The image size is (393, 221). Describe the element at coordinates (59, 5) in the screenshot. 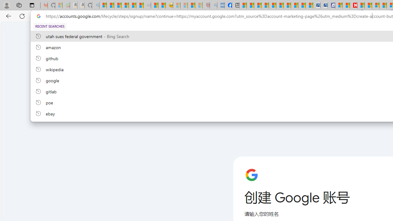

I see `'Microsoft-Report a Concern to Bing - Sleeping'` at that location.